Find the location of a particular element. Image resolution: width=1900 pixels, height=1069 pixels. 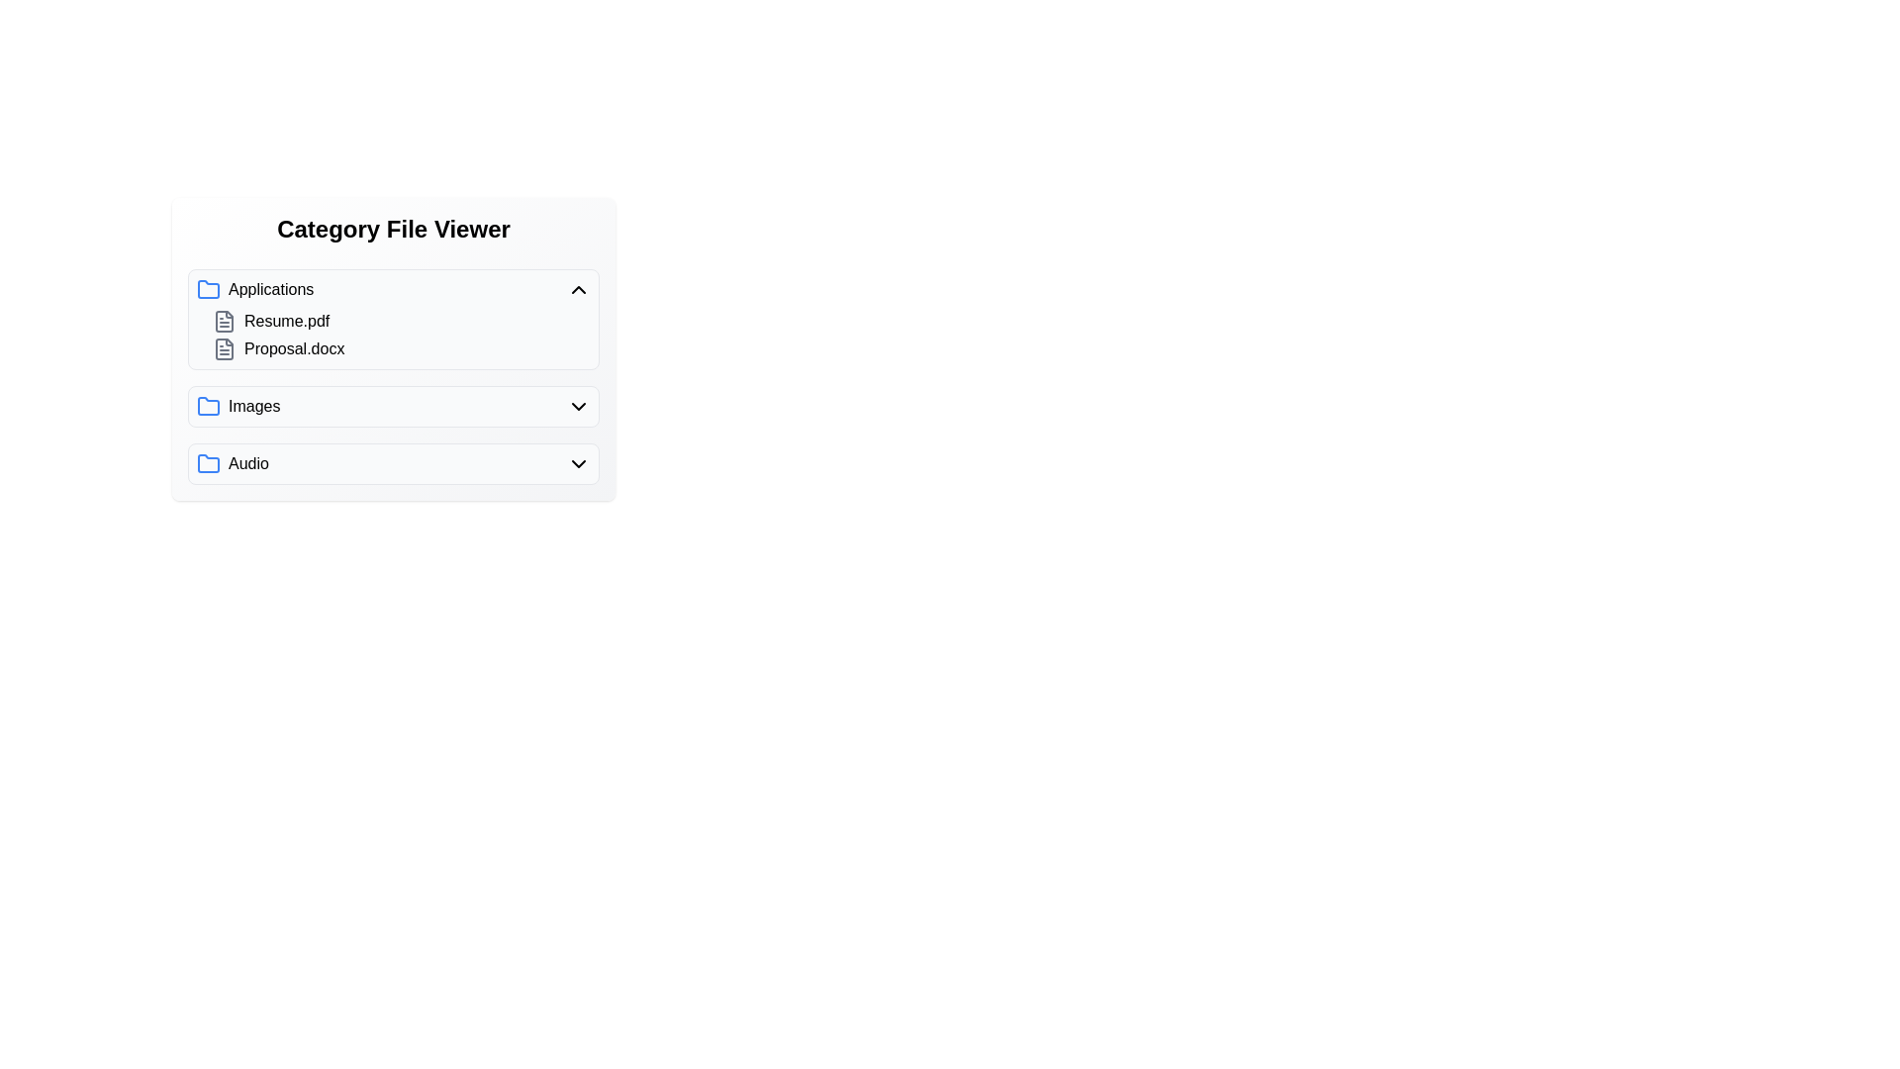

the folder icon of the category Audio to toggle its expansion is located at coordinates (209, 464).